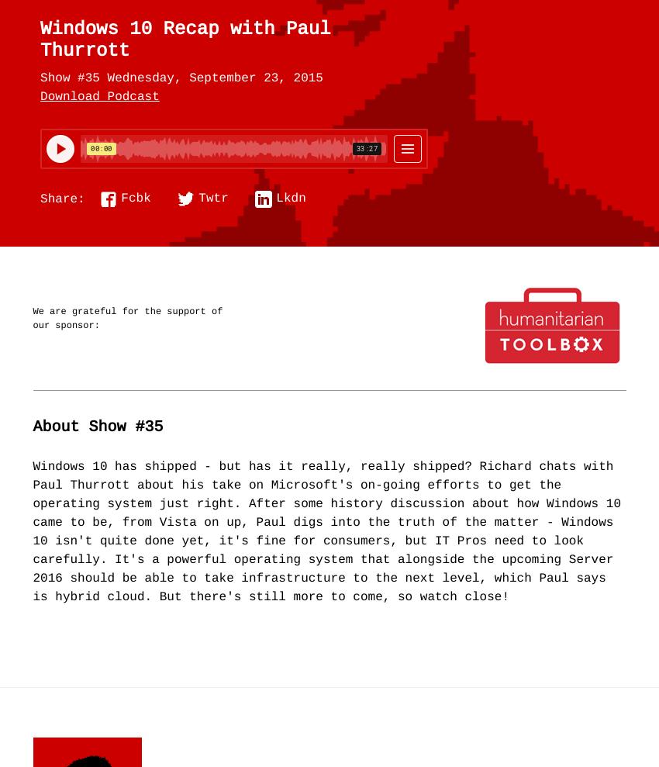 The height and width of the screenshot is (767, 659). What do you see at coordinates (99, 96) in the screenshot?
I see `'Download Podcast'` at bounding box center [99, 96].